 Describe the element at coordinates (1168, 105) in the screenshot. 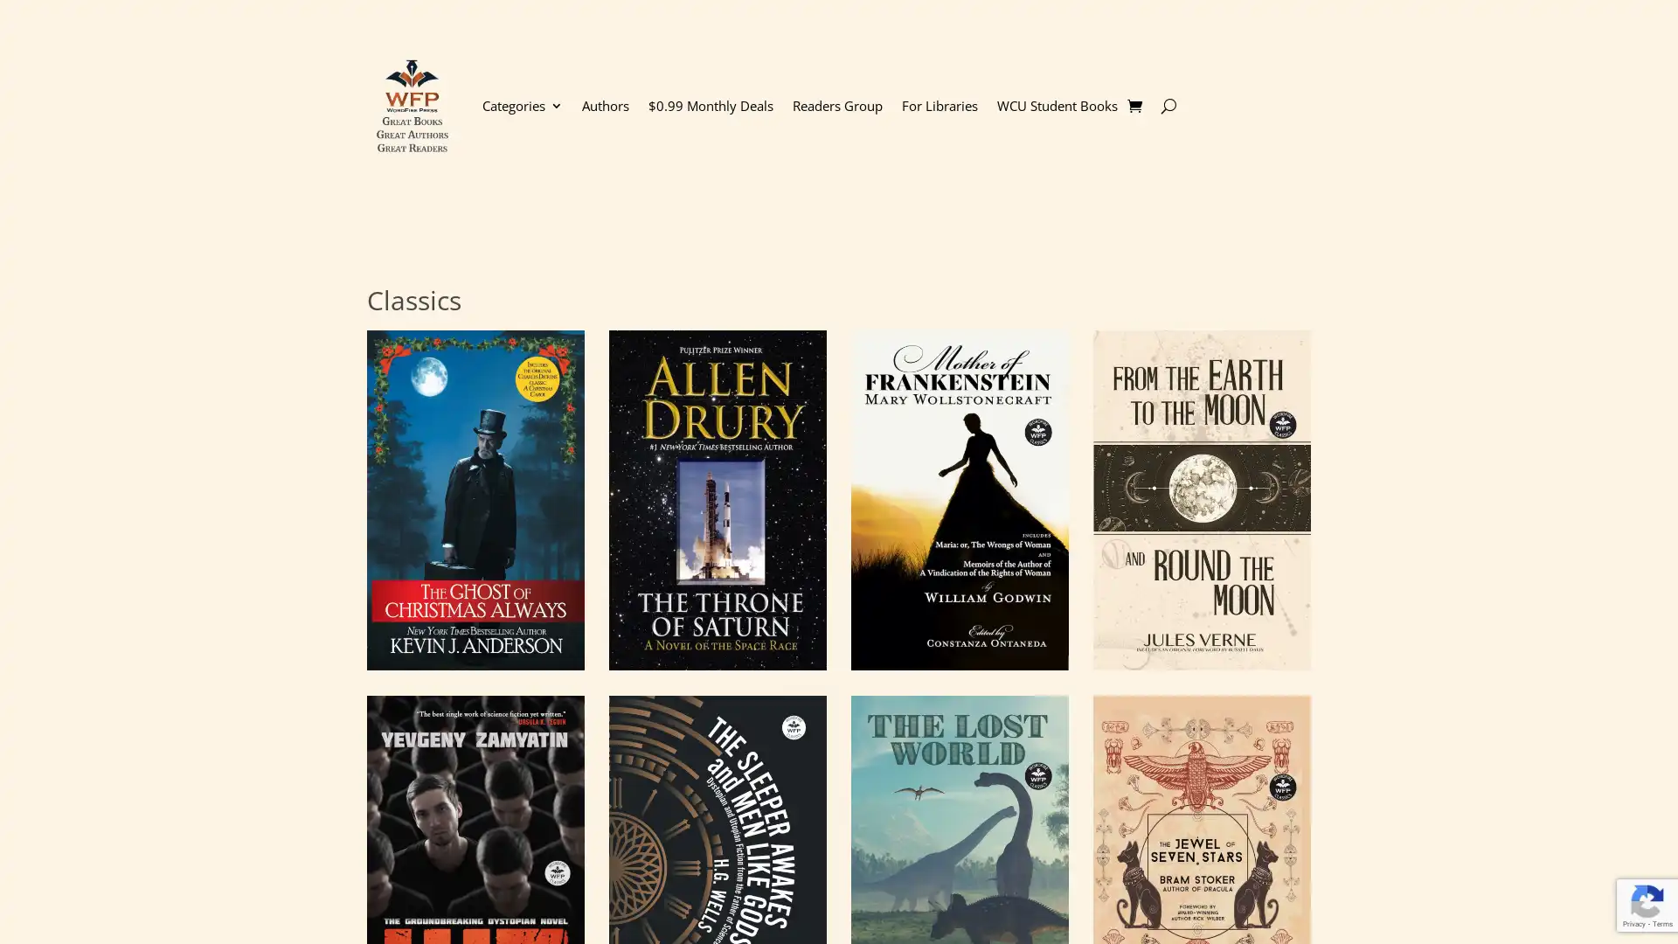

I see `U` at that location.